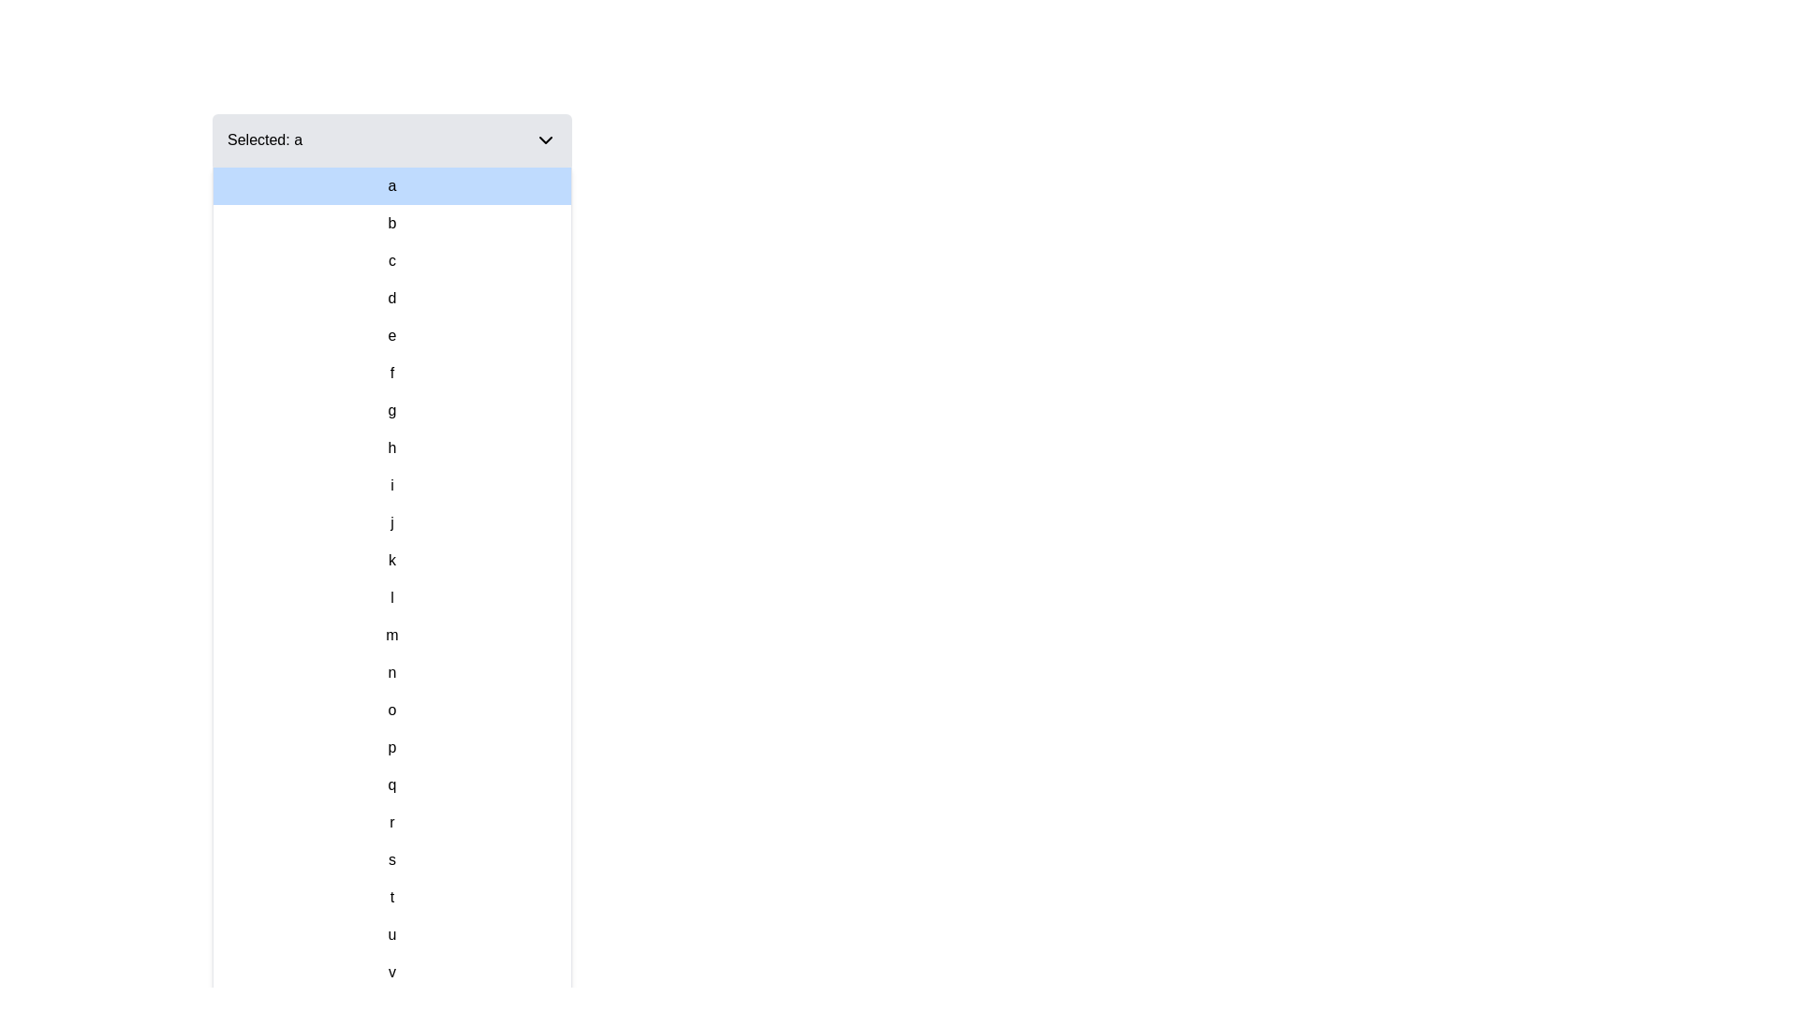 This screenshot has height=1011, width=1798. Describe the element at coordinates (391, 373) in the screenshot. I see `the sixth option 'f' in the dropdown menu, which is located between 'e' and 'g' within a bordered white background box` at that location.